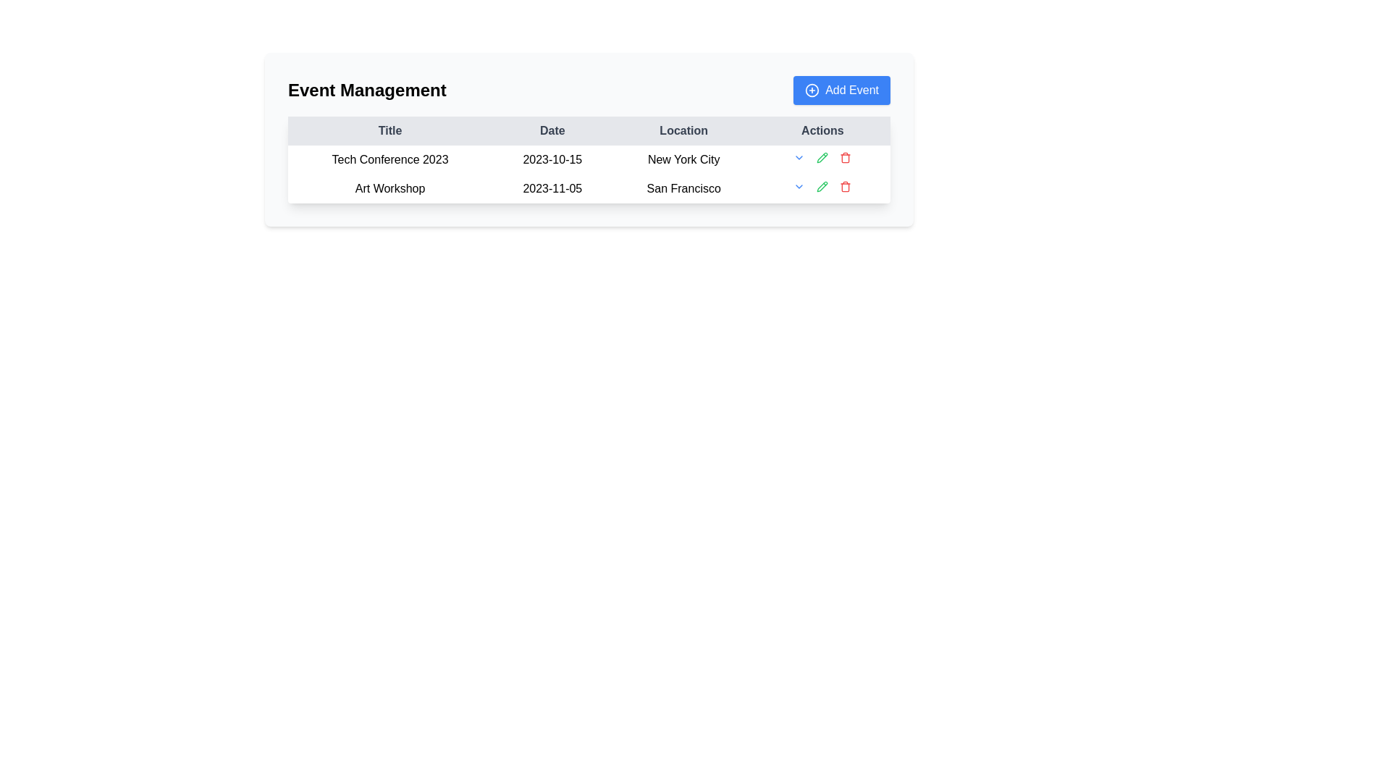  Describe the element at coordinates (390, 159) in the screenshot. I see `the static text label that serves as the title for a specific event, located in the 'Title' column of the table` at that location.